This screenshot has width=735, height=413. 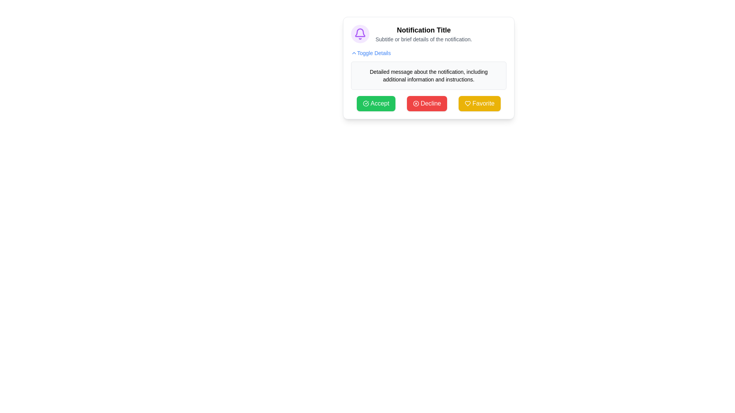 What do you see at coordinates (426, 103) in the screenshot?
I see `the 'Decline' button located between the 'Accept' and 'Favorite' buttons at the bottom of the notification card to change its shade` at bounding box center [426, 103].